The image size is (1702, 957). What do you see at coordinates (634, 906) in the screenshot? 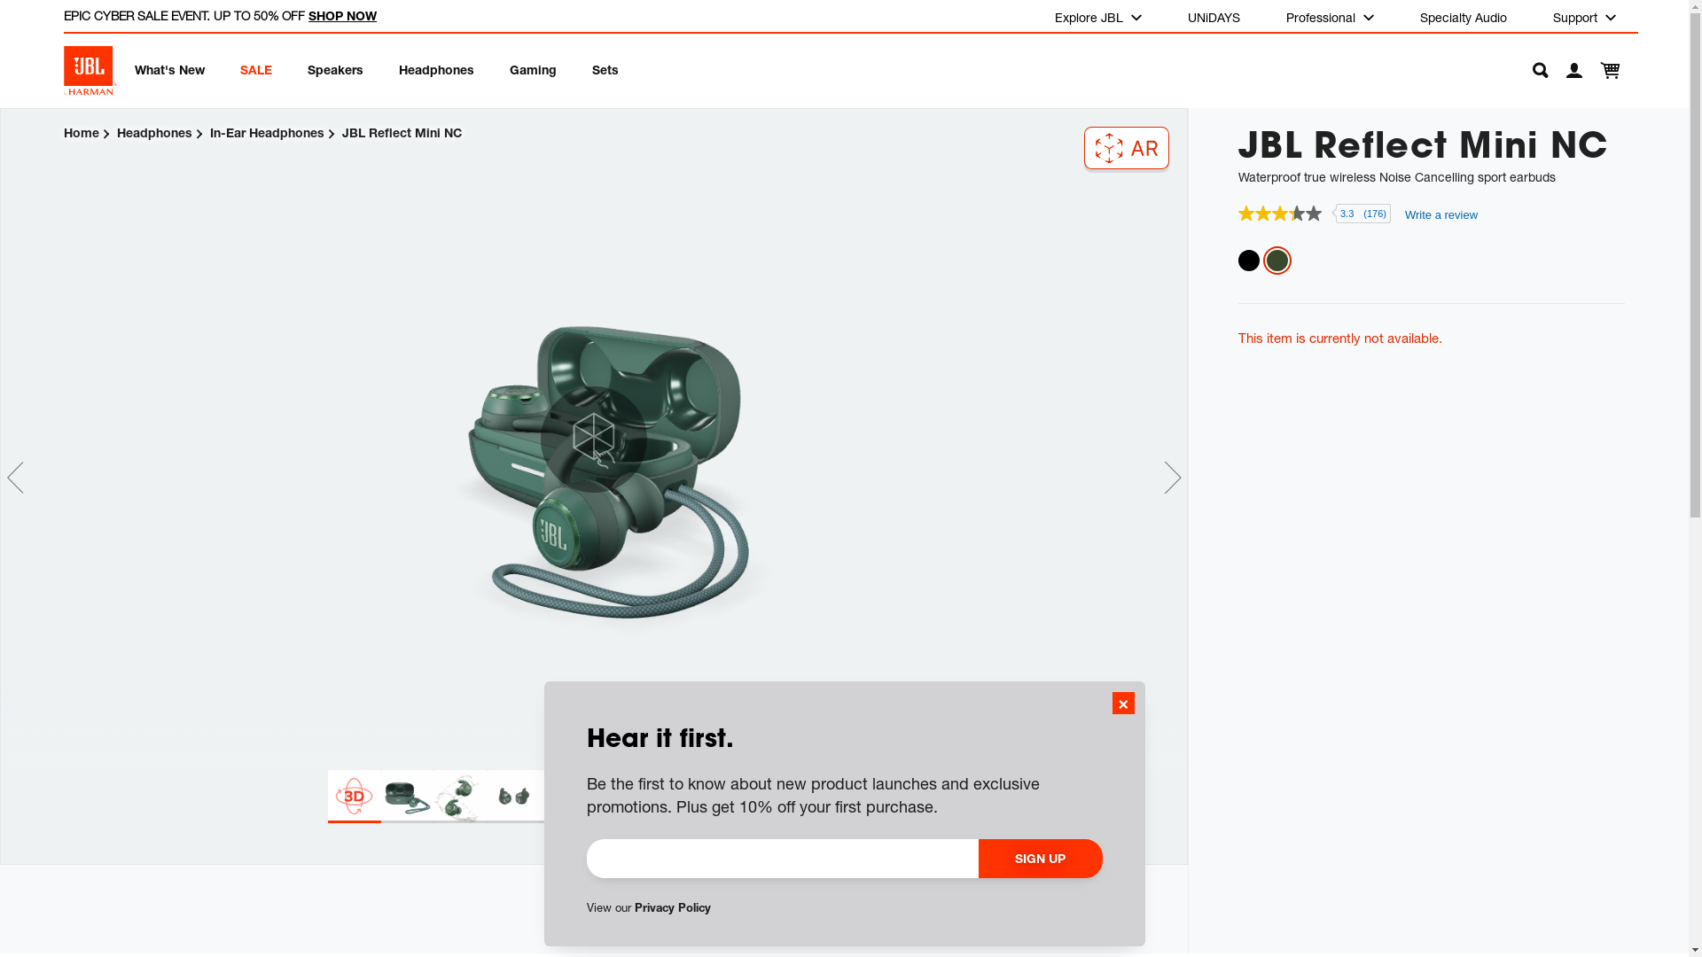
I see `'Privacy Policy'` at bounding box center [634, 906].